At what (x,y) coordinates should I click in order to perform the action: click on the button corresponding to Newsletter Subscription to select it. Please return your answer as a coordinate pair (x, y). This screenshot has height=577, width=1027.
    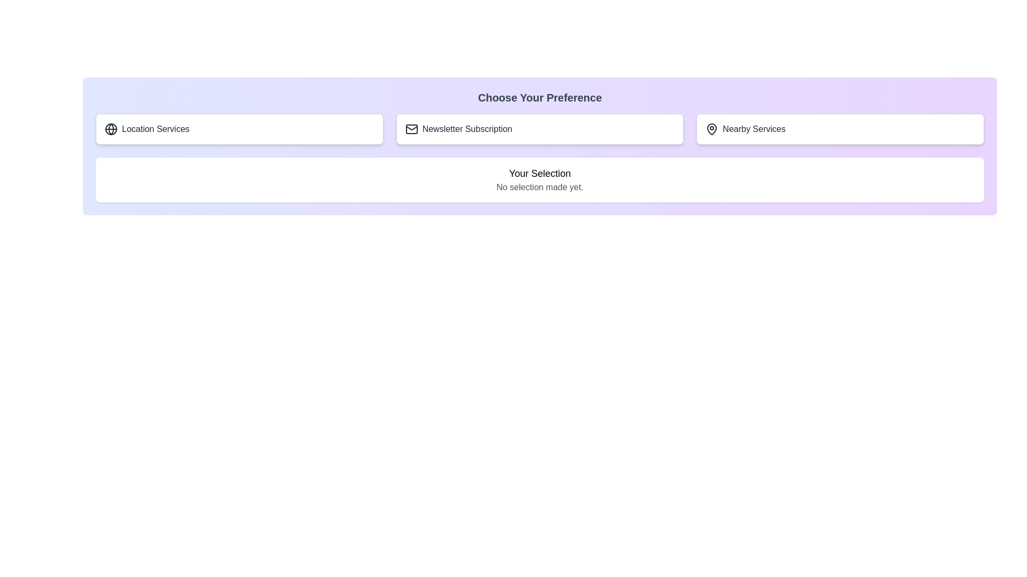
    Looking at the image, I should click on (540, 129).